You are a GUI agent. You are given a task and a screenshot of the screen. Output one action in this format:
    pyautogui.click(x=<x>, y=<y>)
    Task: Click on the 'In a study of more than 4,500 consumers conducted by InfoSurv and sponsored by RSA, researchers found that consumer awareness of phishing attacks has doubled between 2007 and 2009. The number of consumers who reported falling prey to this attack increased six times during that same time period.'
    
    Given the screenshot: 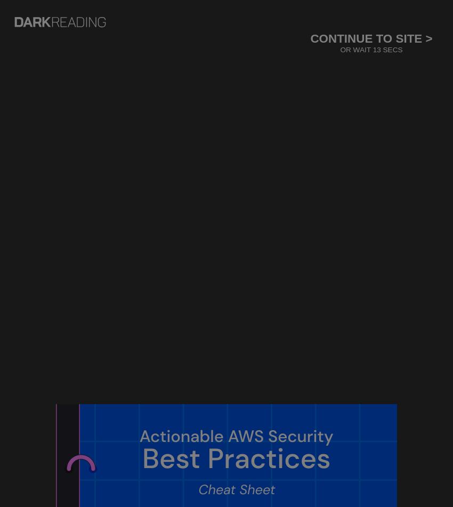 What is the action you would take?
    pyautogui.click(x=136, y=433)
    